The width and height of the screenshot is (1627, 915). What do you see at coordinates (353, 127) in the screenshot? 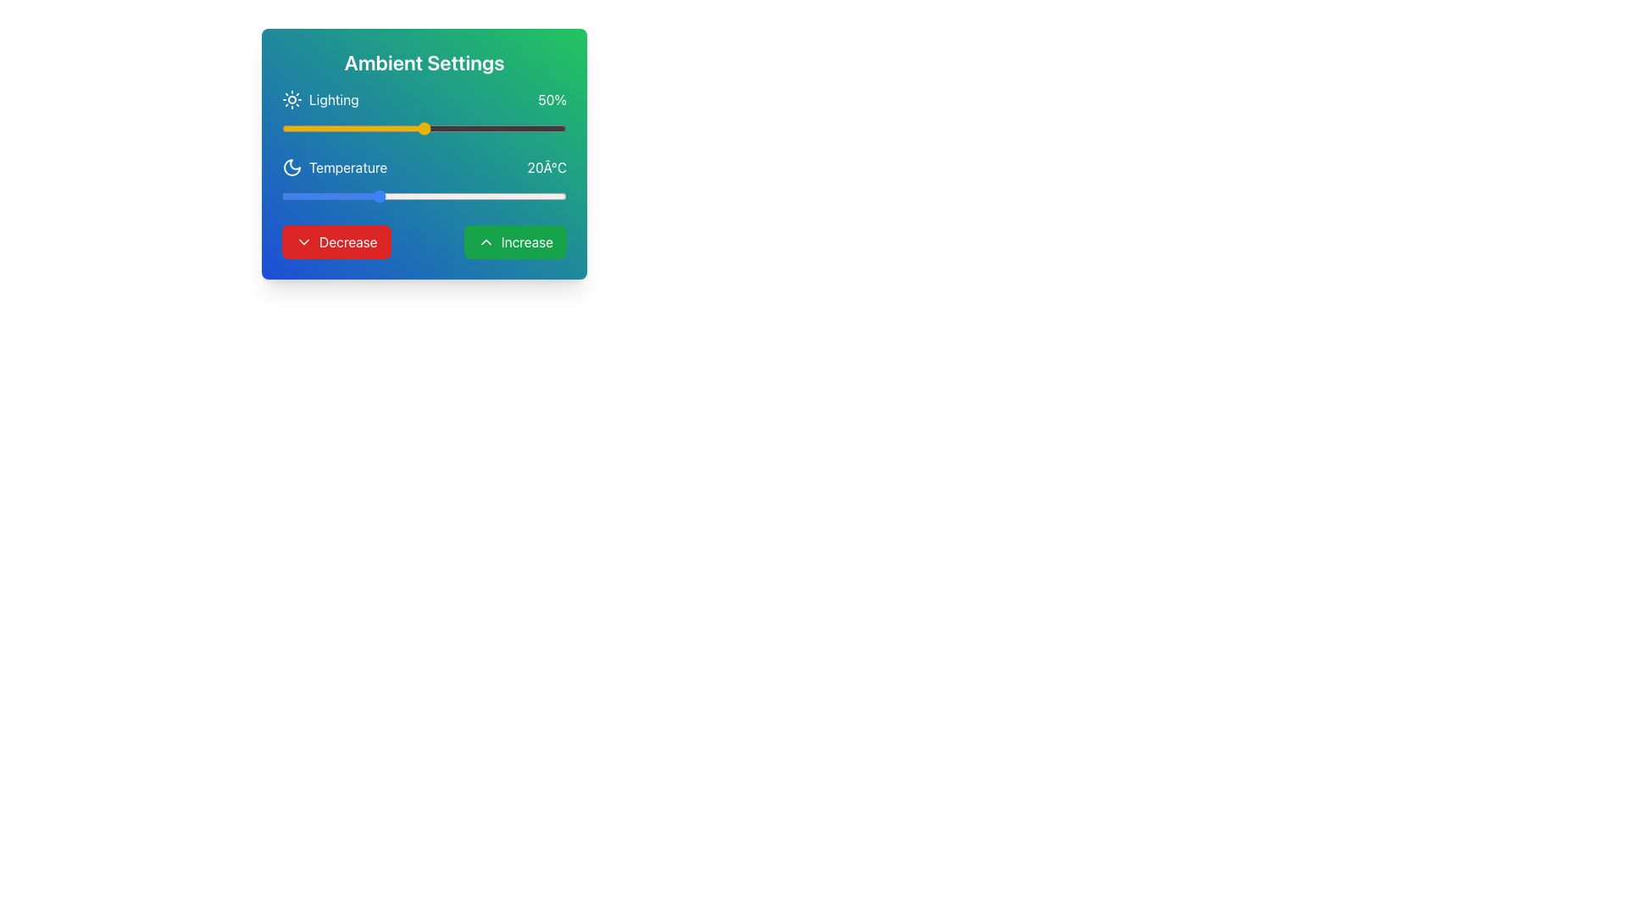
I see `brightness level` at bounding box center [353, 127].